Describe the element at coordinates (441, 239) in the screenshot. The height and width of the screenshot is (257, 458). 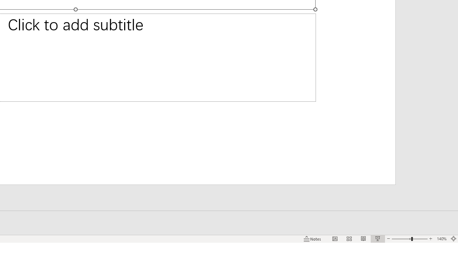
I see `'Zoom 140%'` at that location.